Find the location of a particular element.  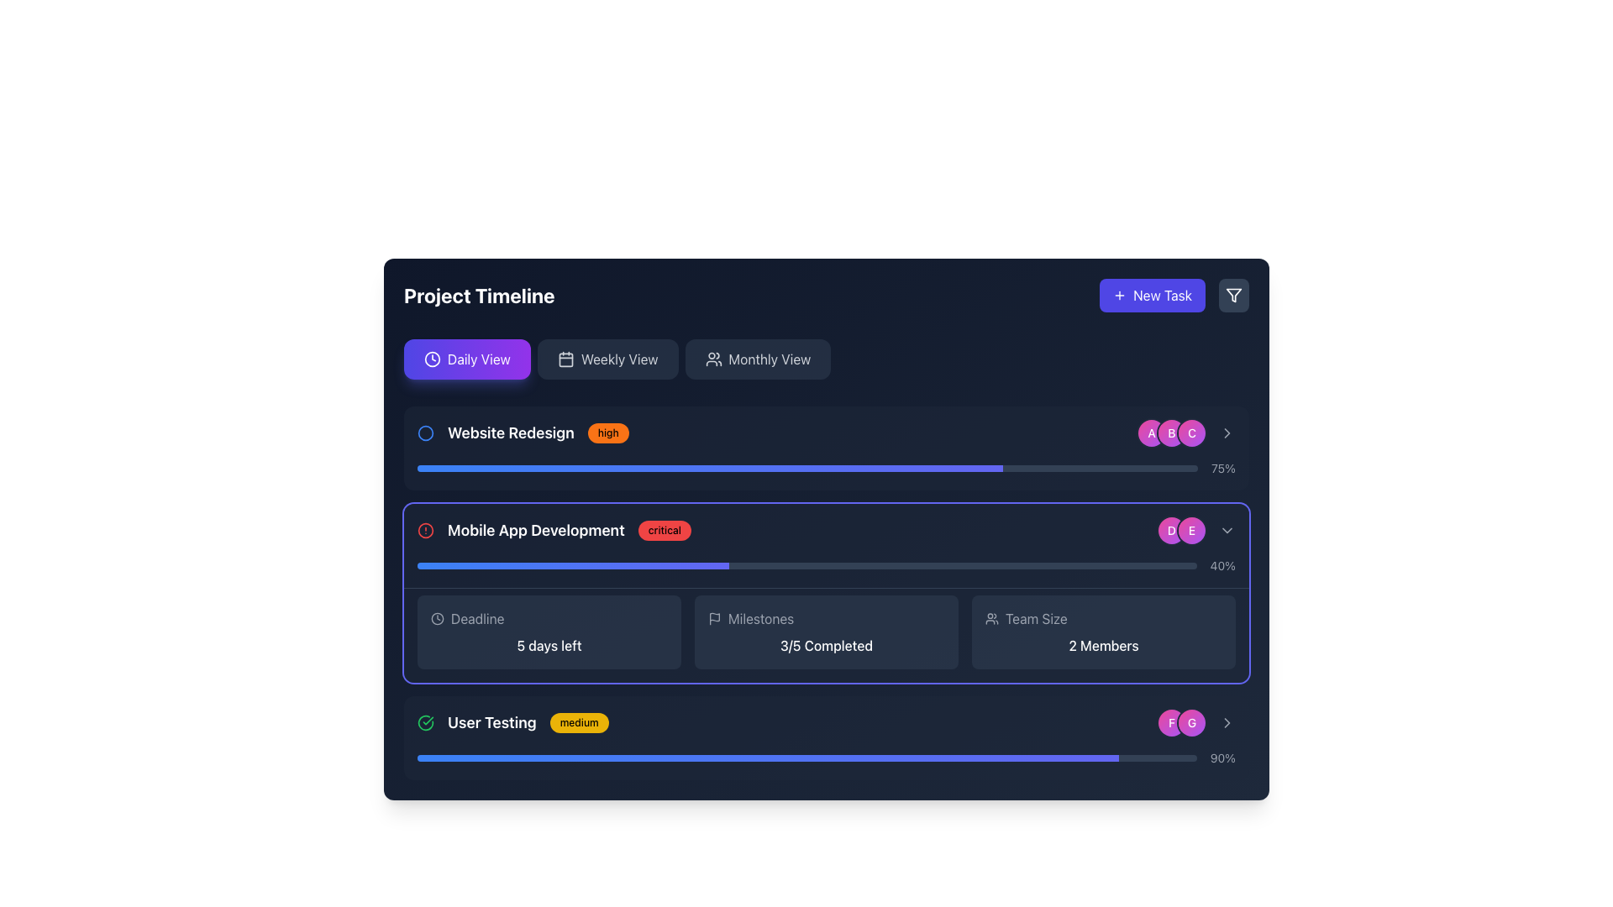

the static text displaying '75%' which is aligned with a horizontal progress bar and located on a dark background is located at coordinates (1223, 469).